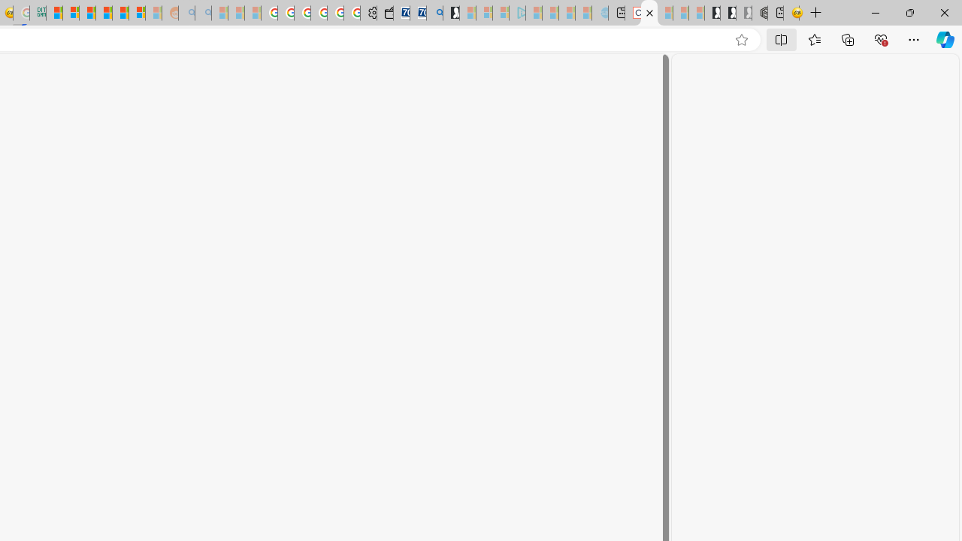  Describe the element at coordinates (913, 38) in the screenshot. I see `'Settings and more (Alt+F)'` at that location.